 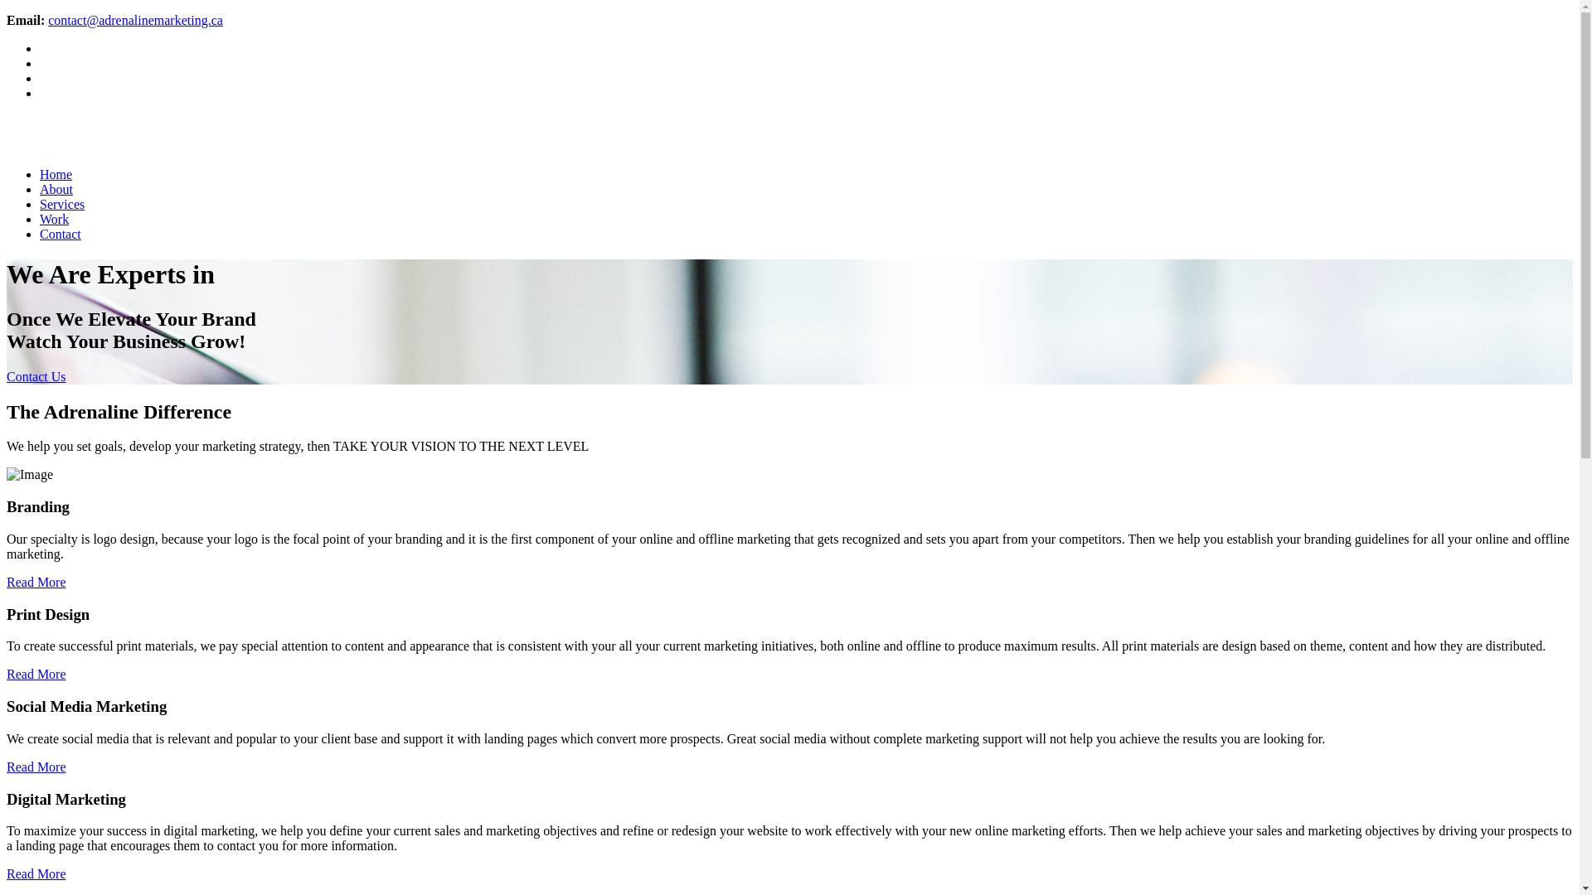 What do you see at coordinates (36, 674) in the screenshot?
I see `'Read More'` at bounding box center [36, 674].